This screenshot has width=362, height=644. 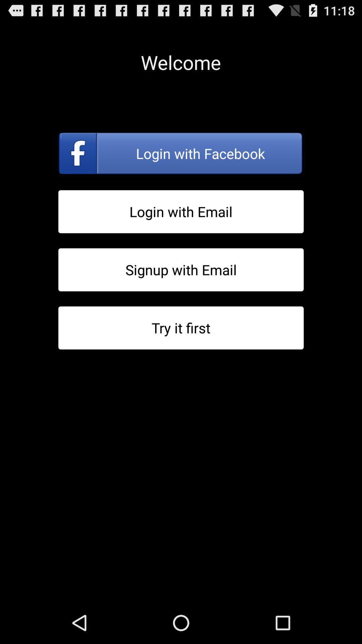 What do you see at coordinates (181, 270) in the screenshot?
I see `sign up with email` at bounding box center [181, 270].